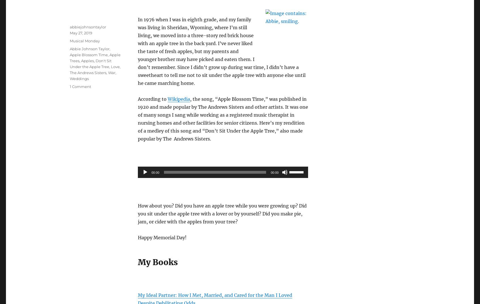 Image resolution: width=480 pixels, height=304 pixels. What do you see at coordinates (137, 51) in the screenshot?
I see `'In 1976 when I was in eighth grade, and my family was living in Sheridan, Wyoming, where I’m still living, we moved into a three-story red brick house with an apple tree in the back yard. I’ve never liked the taste of fresh apples, but my parents and younger brother may have picked and eaten them. I don’t remember. Since I didn’t grow up during war time, I didn’t have a sweetheart to tell me not to sit under the apple tree with anyone else until he came marching home.'` at bounding box center [137, 51].